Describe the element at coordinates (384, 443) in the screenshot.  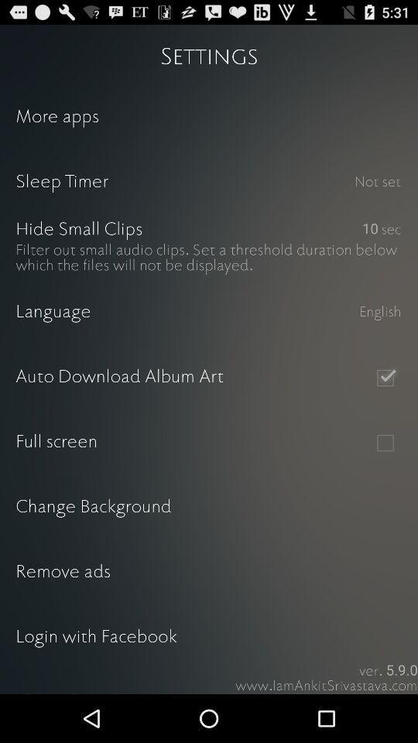
I see `ao ativar esta determinada funcionalidade voc permitira que o aplicativo abra em tela cheio` at that location.